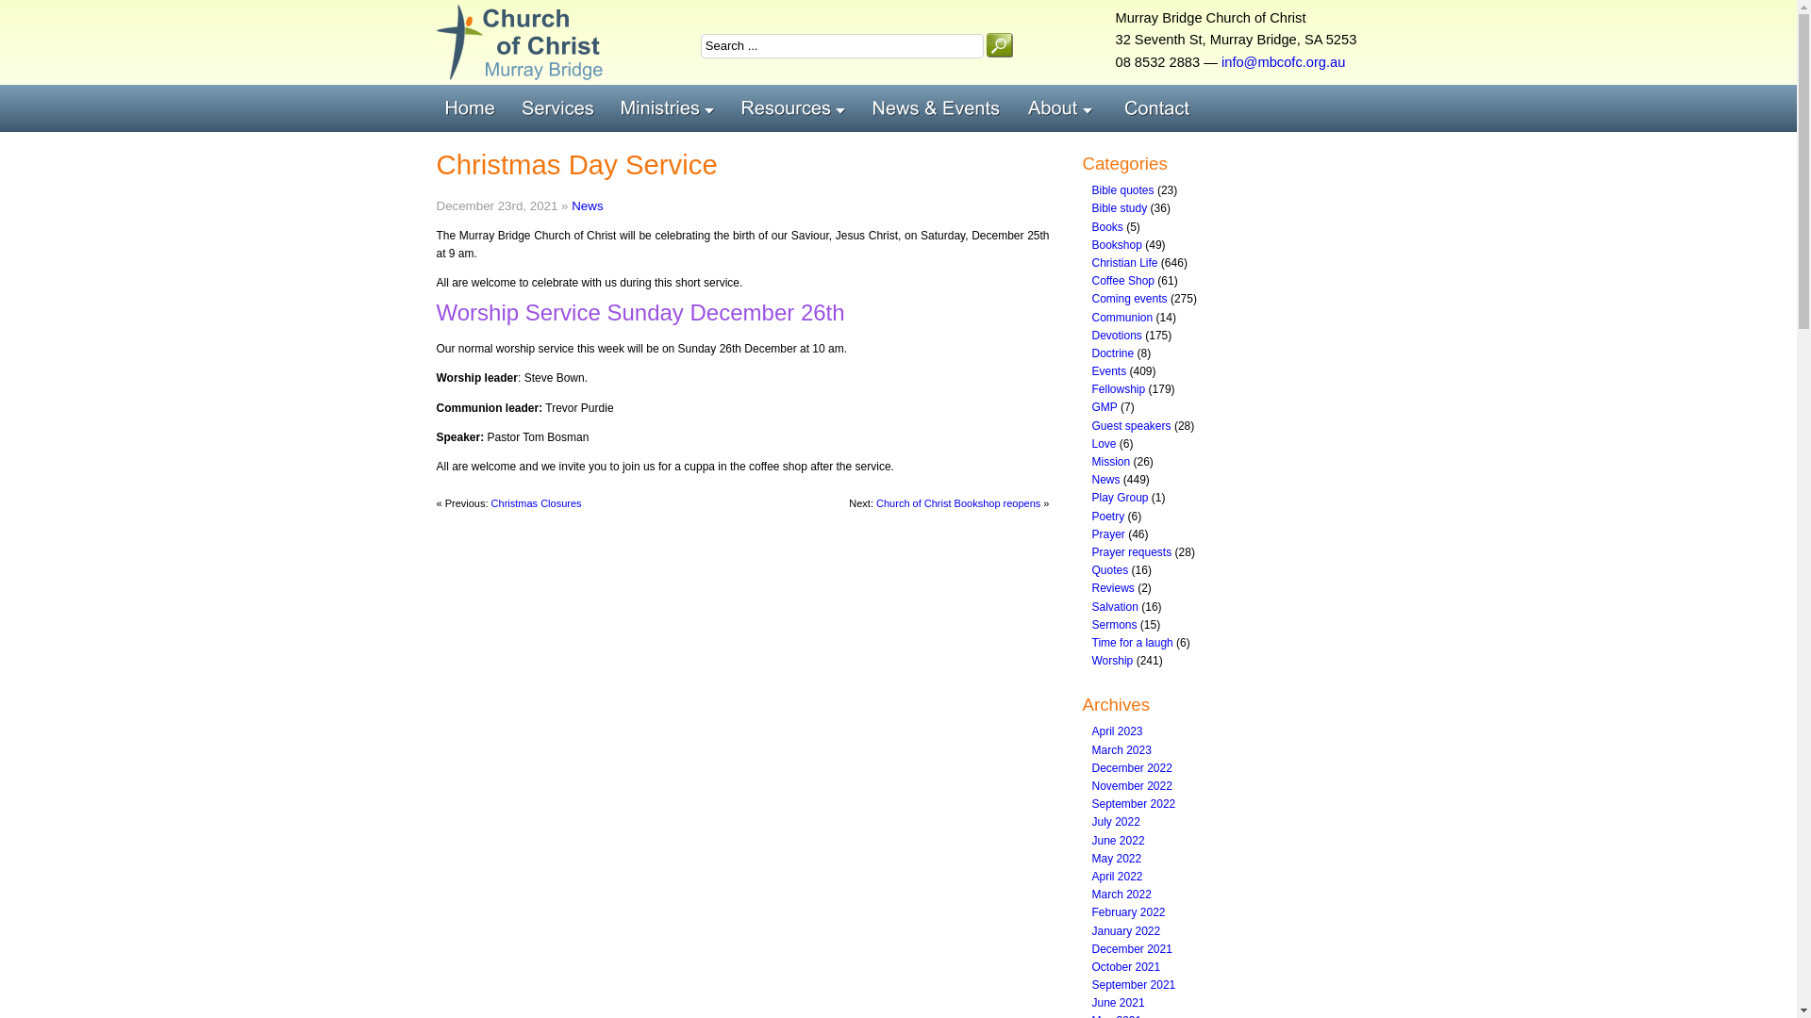 The height and width of the screenshot is (1018, 1811). What do you see at coordinates (1125, 262) in the screenshot?
I see `'Christian Life'` at bounding box center [1125, 262].